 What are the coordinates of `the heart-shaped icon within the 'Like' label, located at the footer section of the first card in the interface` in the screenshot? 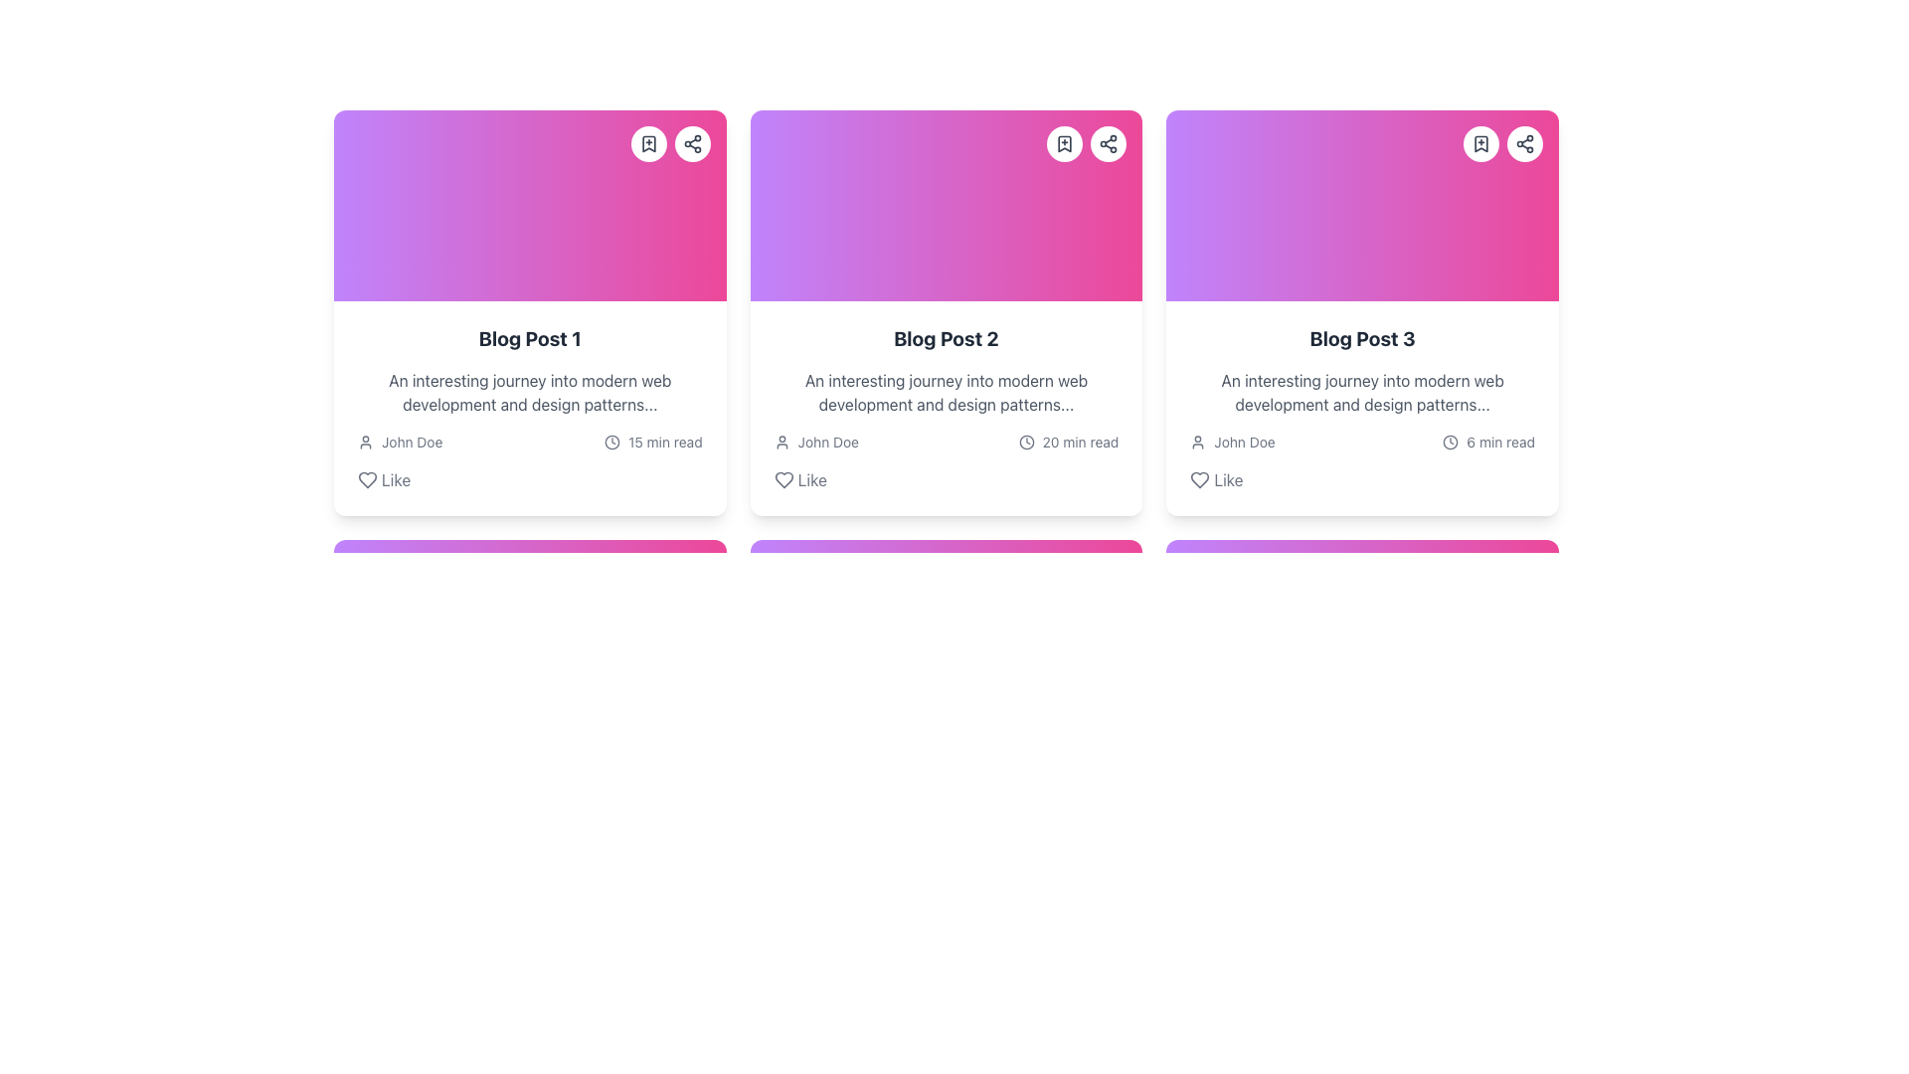 It's located at (367, 479).